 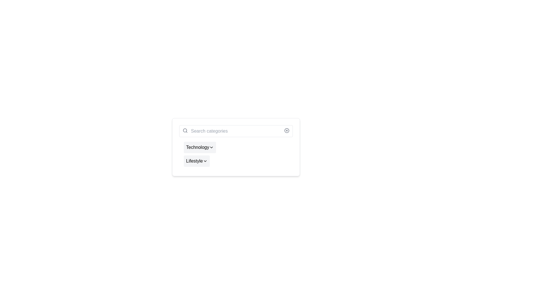 What do you see at coordinates (211, 147) in the screenshot?
I see `the 'Technology' icon located to the right of the text 'Technology'` at bounding box center [211, 147].